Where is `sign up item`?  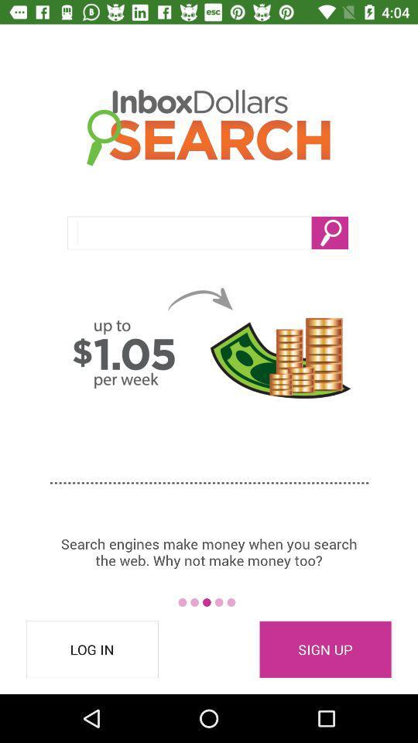
sign up item is located at coordinates (324, 649).